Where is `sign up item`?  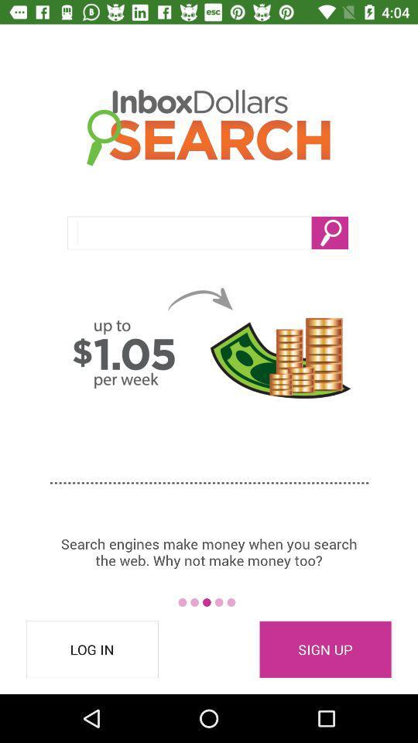
sign up item is located at coordinates (324, 649).